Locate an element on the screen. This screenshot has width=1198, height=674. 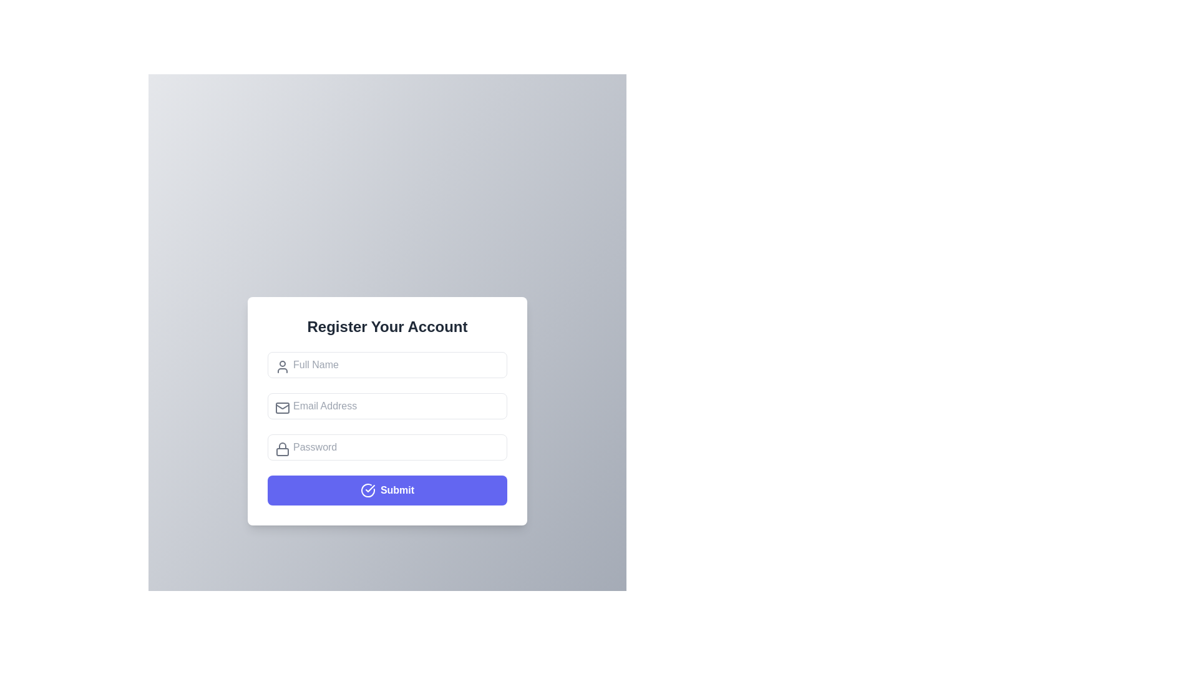
the SVG graphical element that is part of the lock icon, located to the left of the 'Password' field in the registration form is located at coordinates (281, 452).